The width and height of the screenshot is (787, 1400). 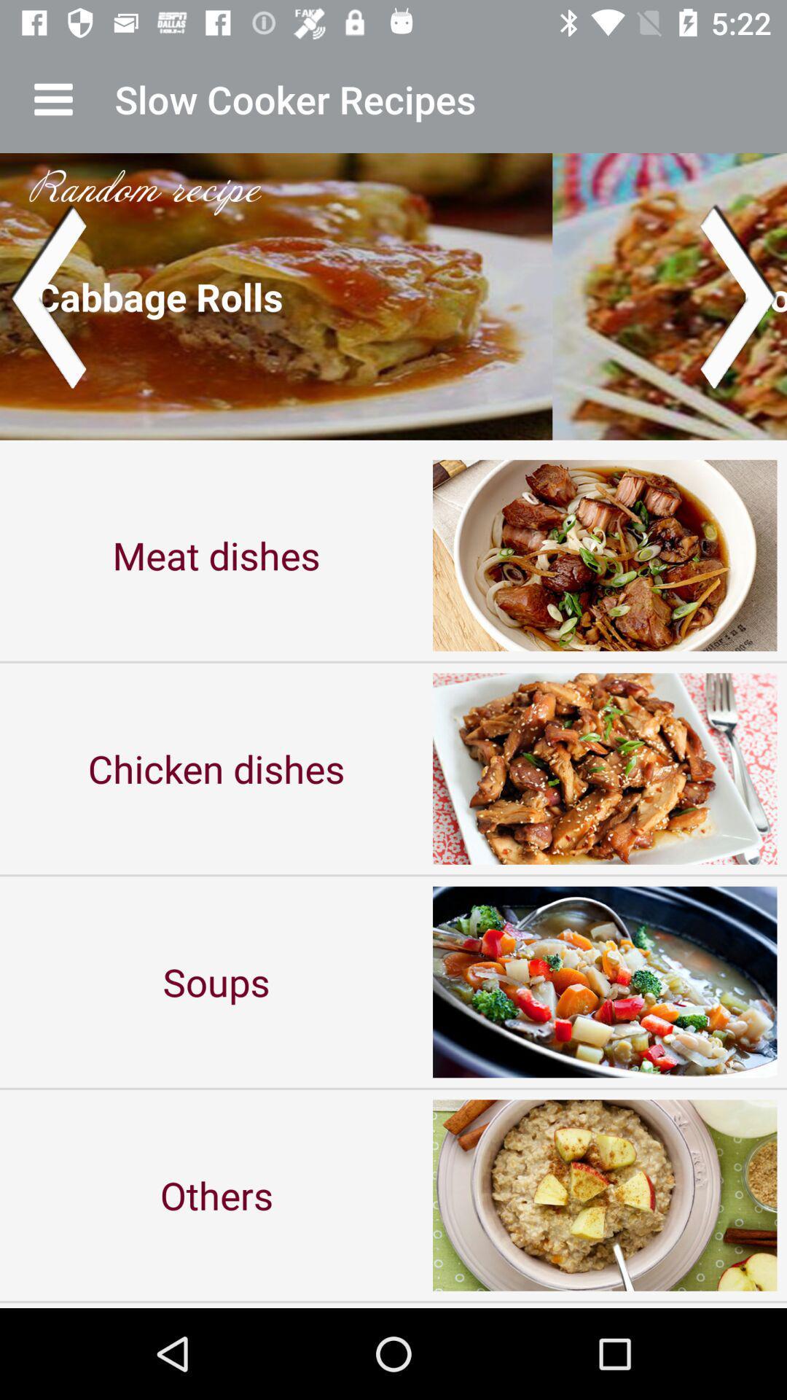 What do you see at coordinates (47, 295) in the screenshot?
I see `the arrow_backward icon` at bounding box center [47, 295].